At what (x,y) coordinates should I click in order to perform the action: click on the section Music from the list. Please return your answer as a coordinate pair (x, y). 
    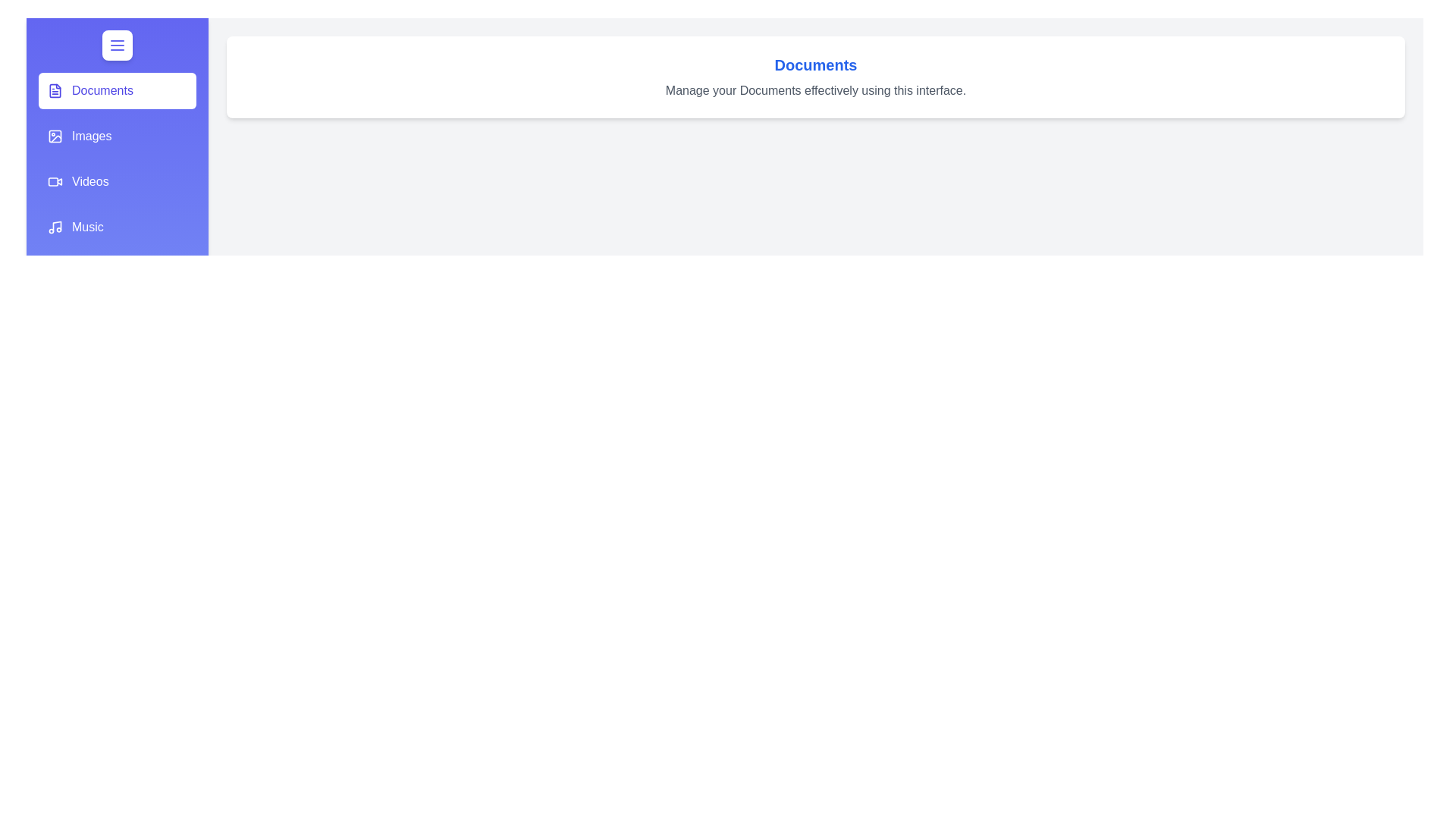
    Looking at the image, I should click on (116, 227).